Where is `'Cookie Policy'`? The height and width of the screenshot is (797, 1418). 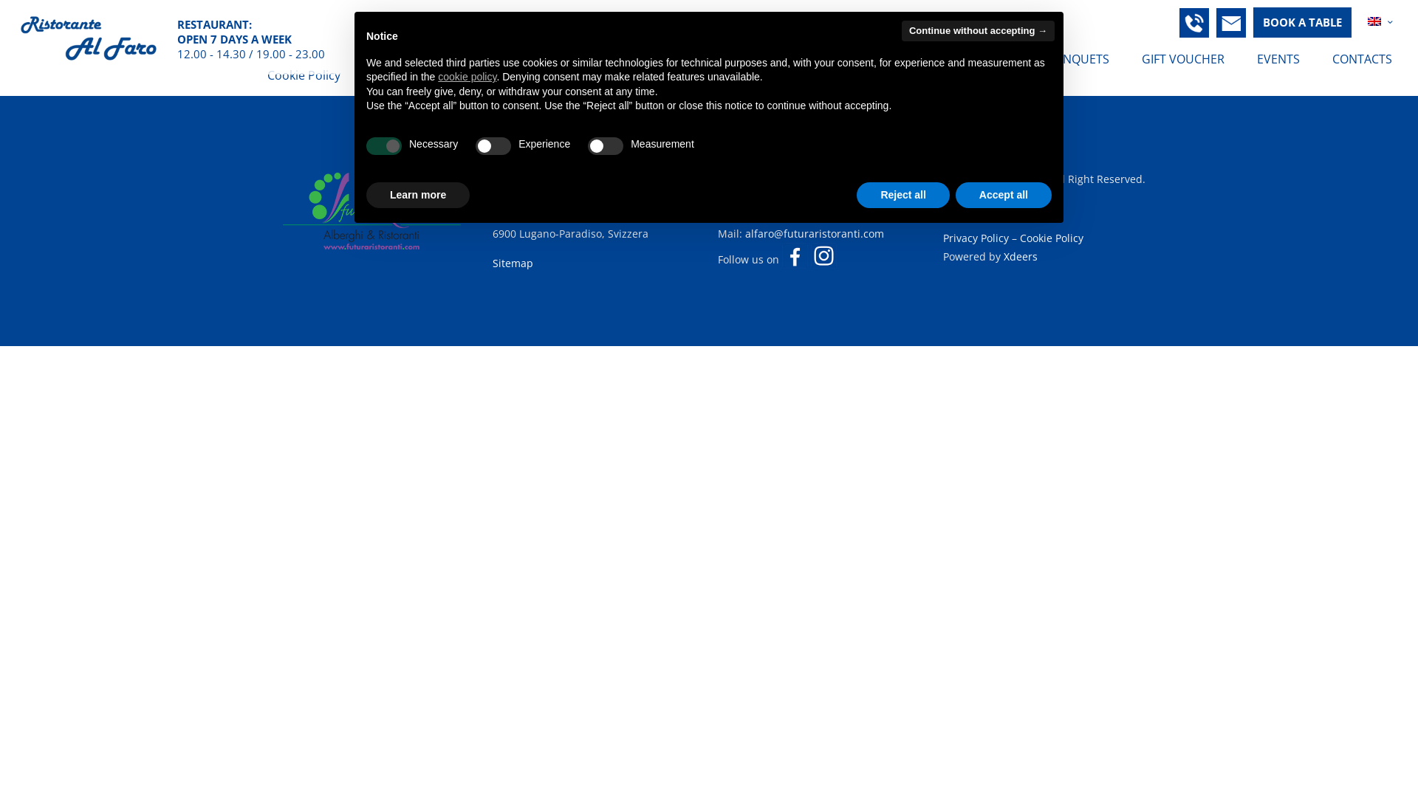 'Cookie Policy' is located at coordinates (1051, 237).